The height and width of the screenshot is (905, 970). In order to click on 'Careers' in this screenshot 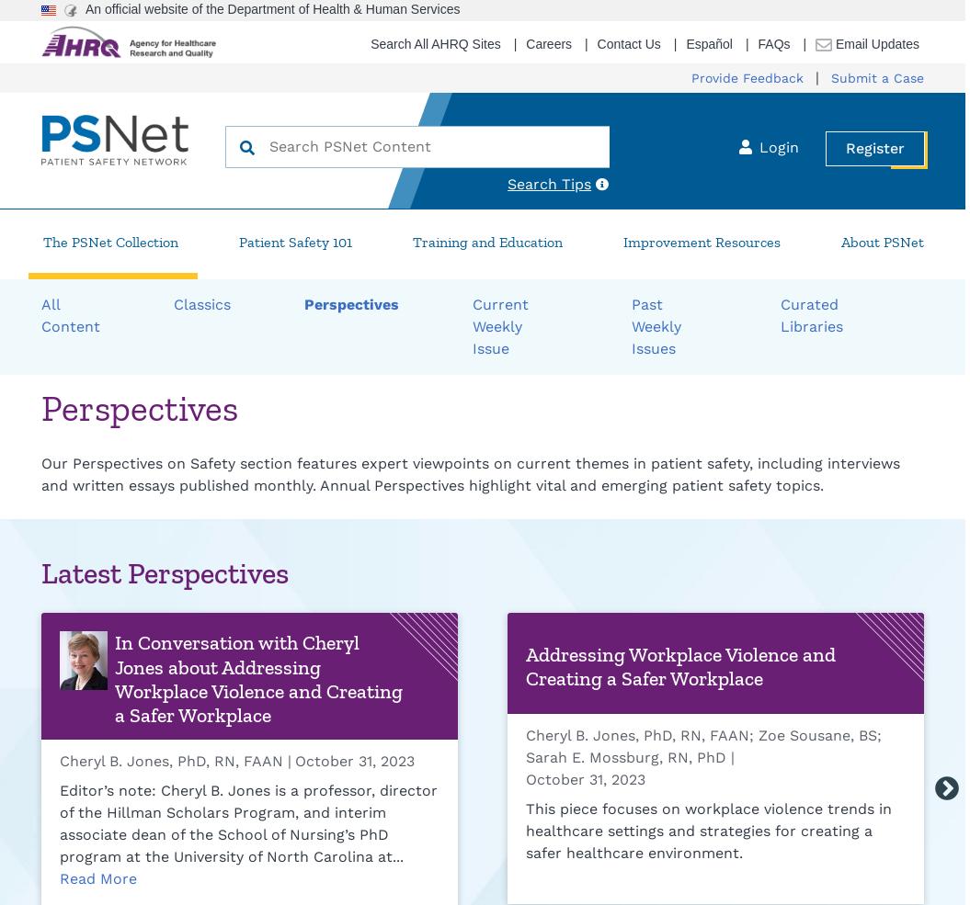, I will do `click(549, 42)`.